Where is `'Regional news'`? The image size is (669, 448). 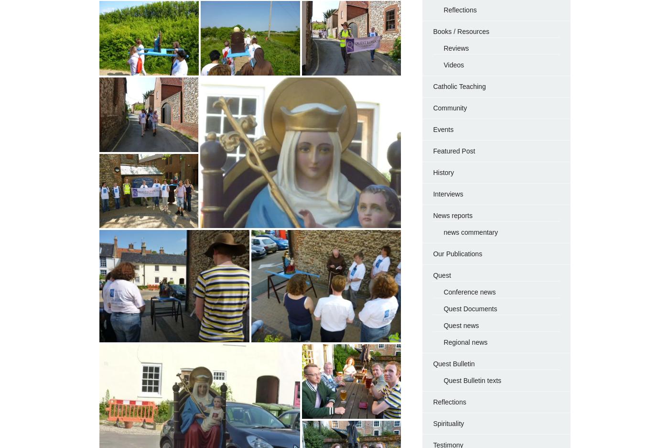
'Regional news' is located at coordinates (464, 342).